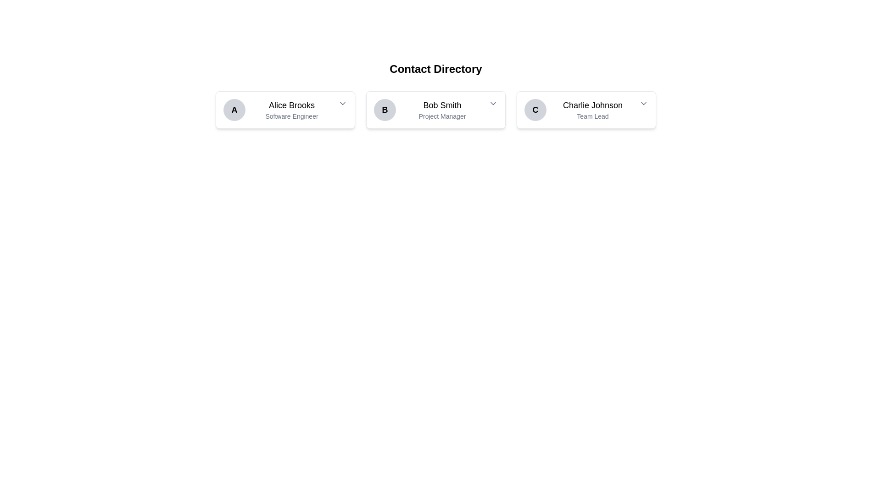 The width and height of the screenshot is (881, 495). I want to click on the Avatar or user icon, so click(385, 109).